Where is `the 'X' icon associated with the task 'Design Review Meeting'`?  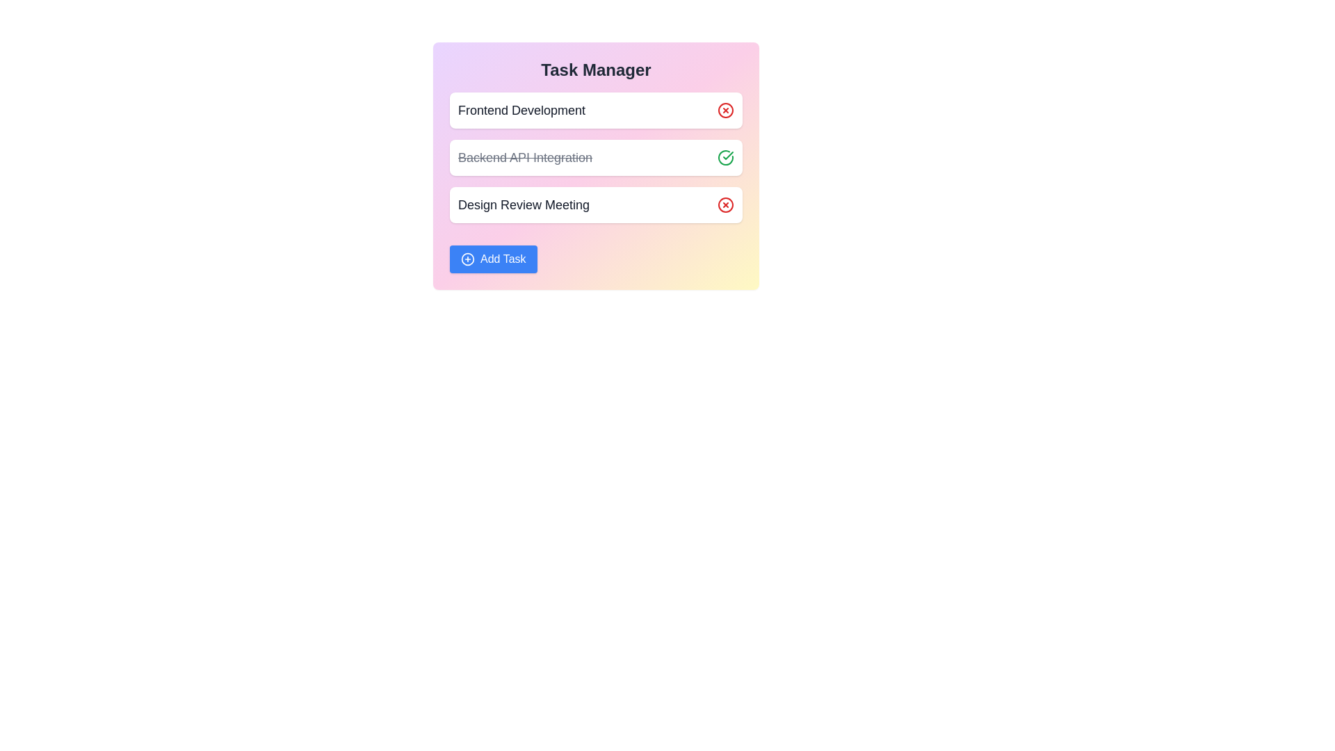
the 'X' icon associated with the task 'Design Review Meeting' is located at coordinates (725, 204).